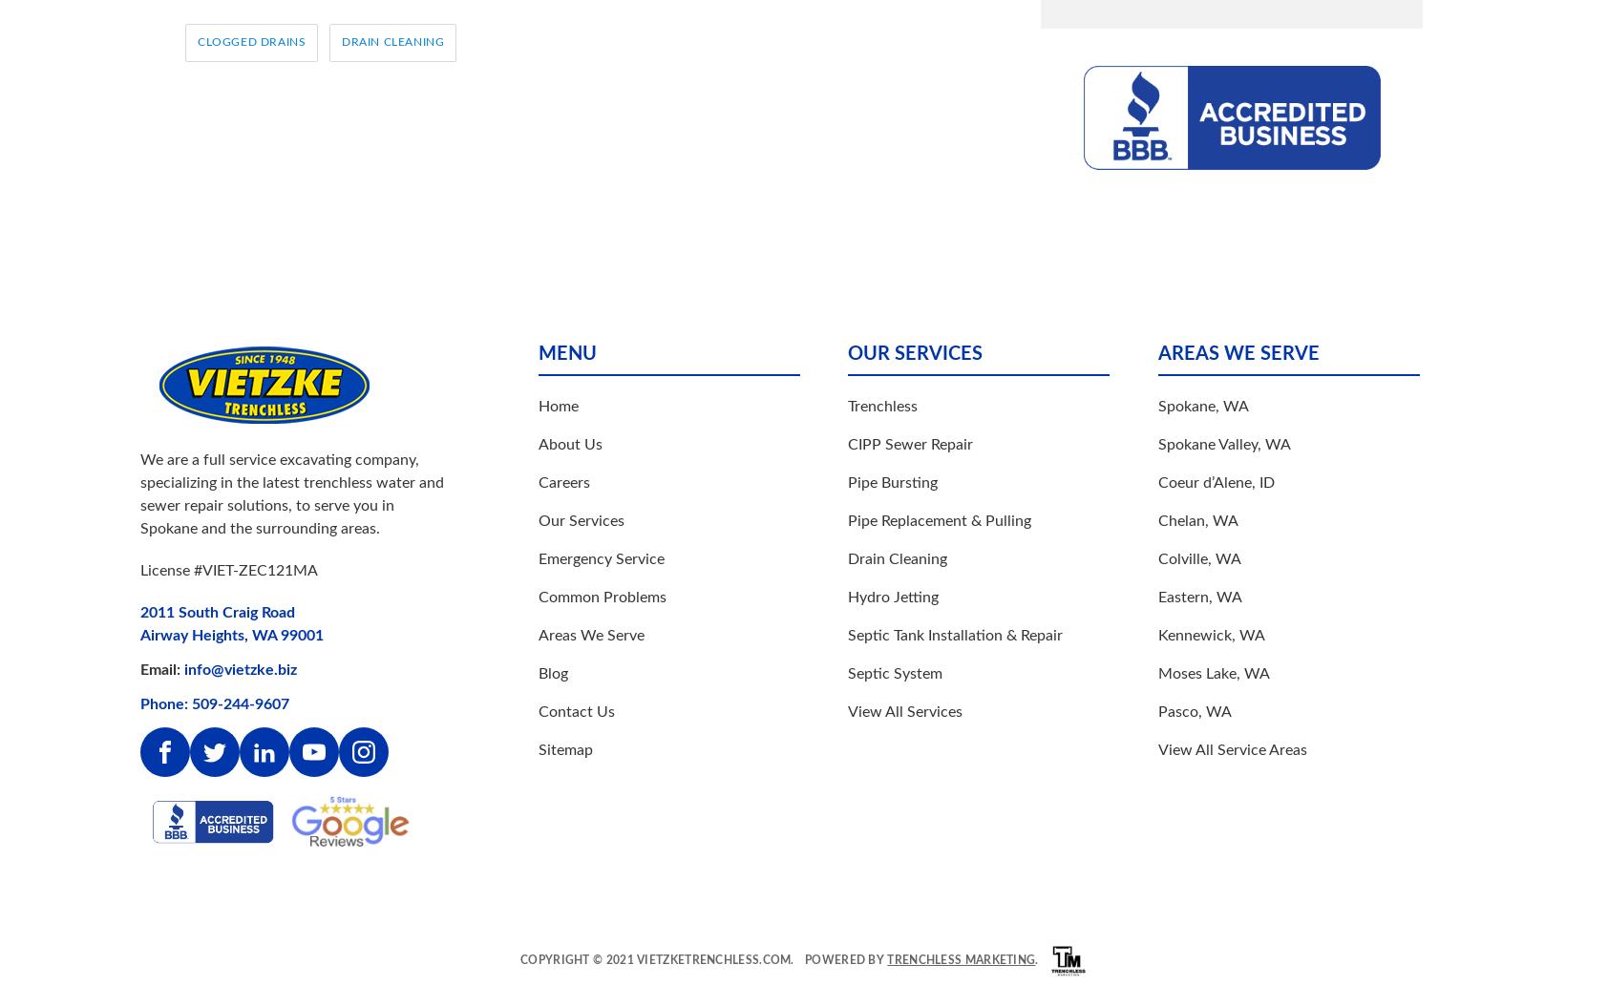 The image size is (1608, 1007). Describe the element at coordinates (1156, 672) in the screenshot. I see `'Moses Lake, WA'` at that location.